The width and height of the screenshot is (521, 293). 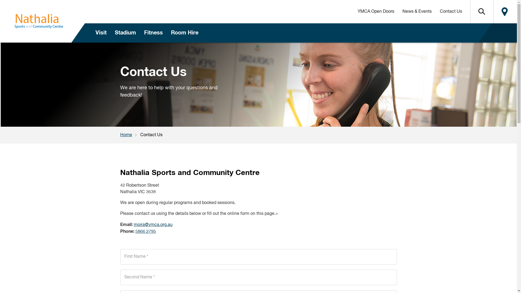 I want to click on 'Fitness', so click(x=153, y=33).